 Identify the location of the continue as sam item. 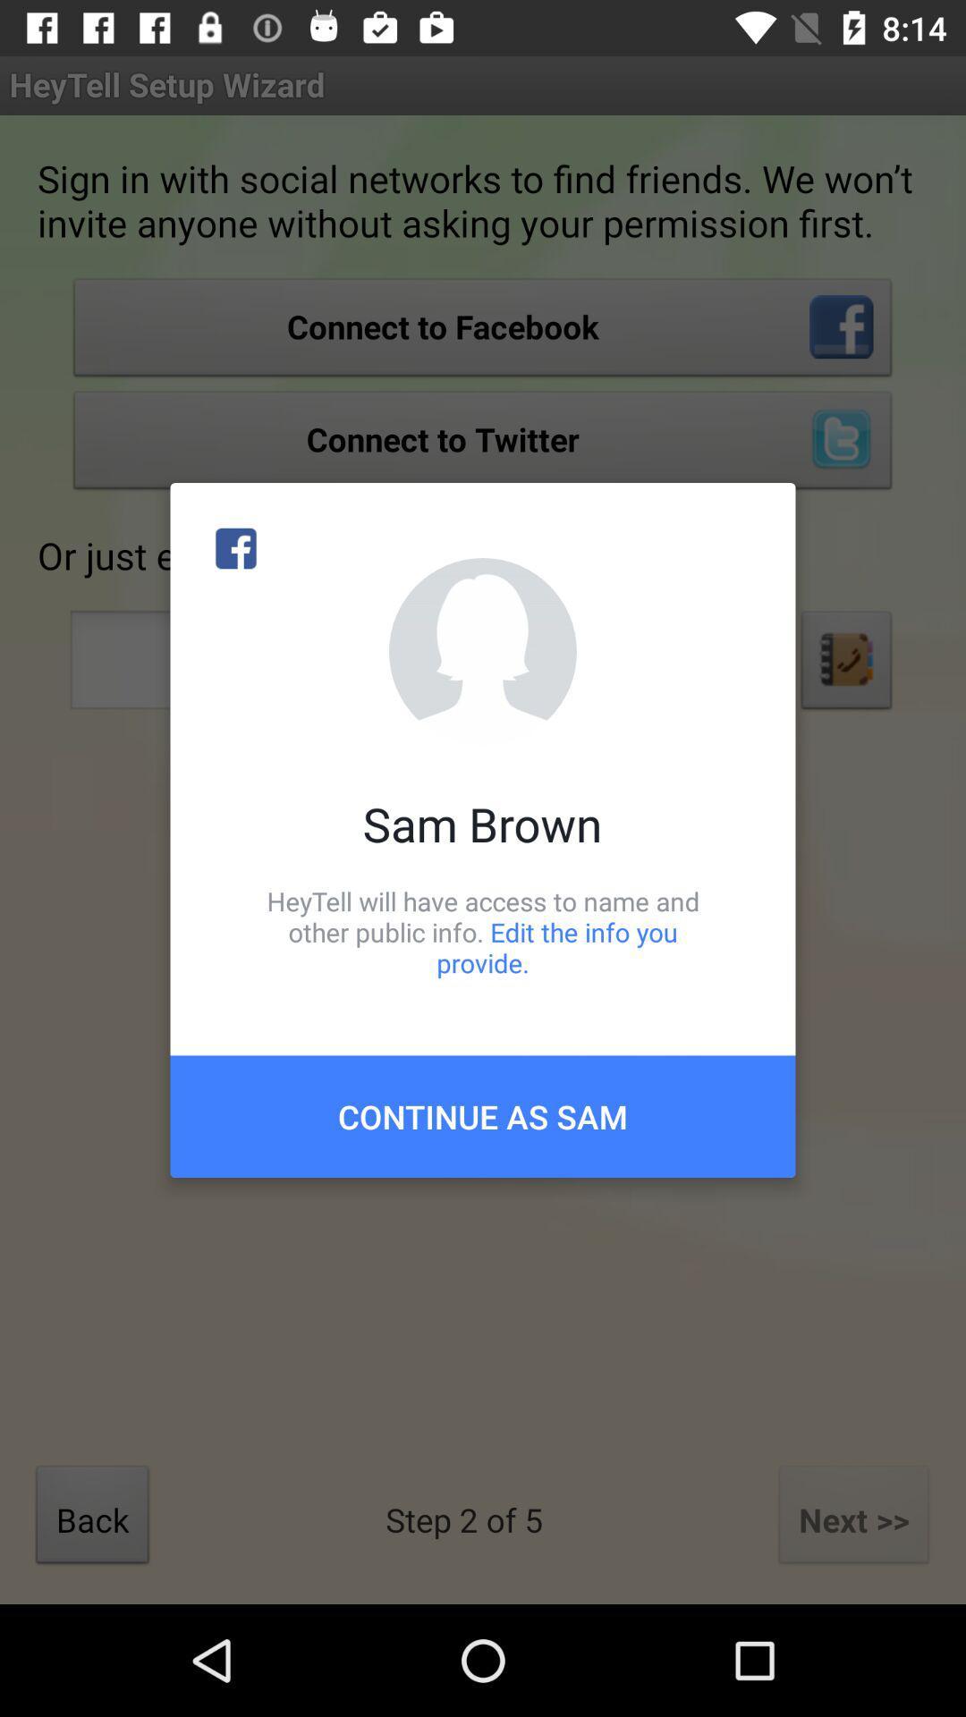
(483, 1115).